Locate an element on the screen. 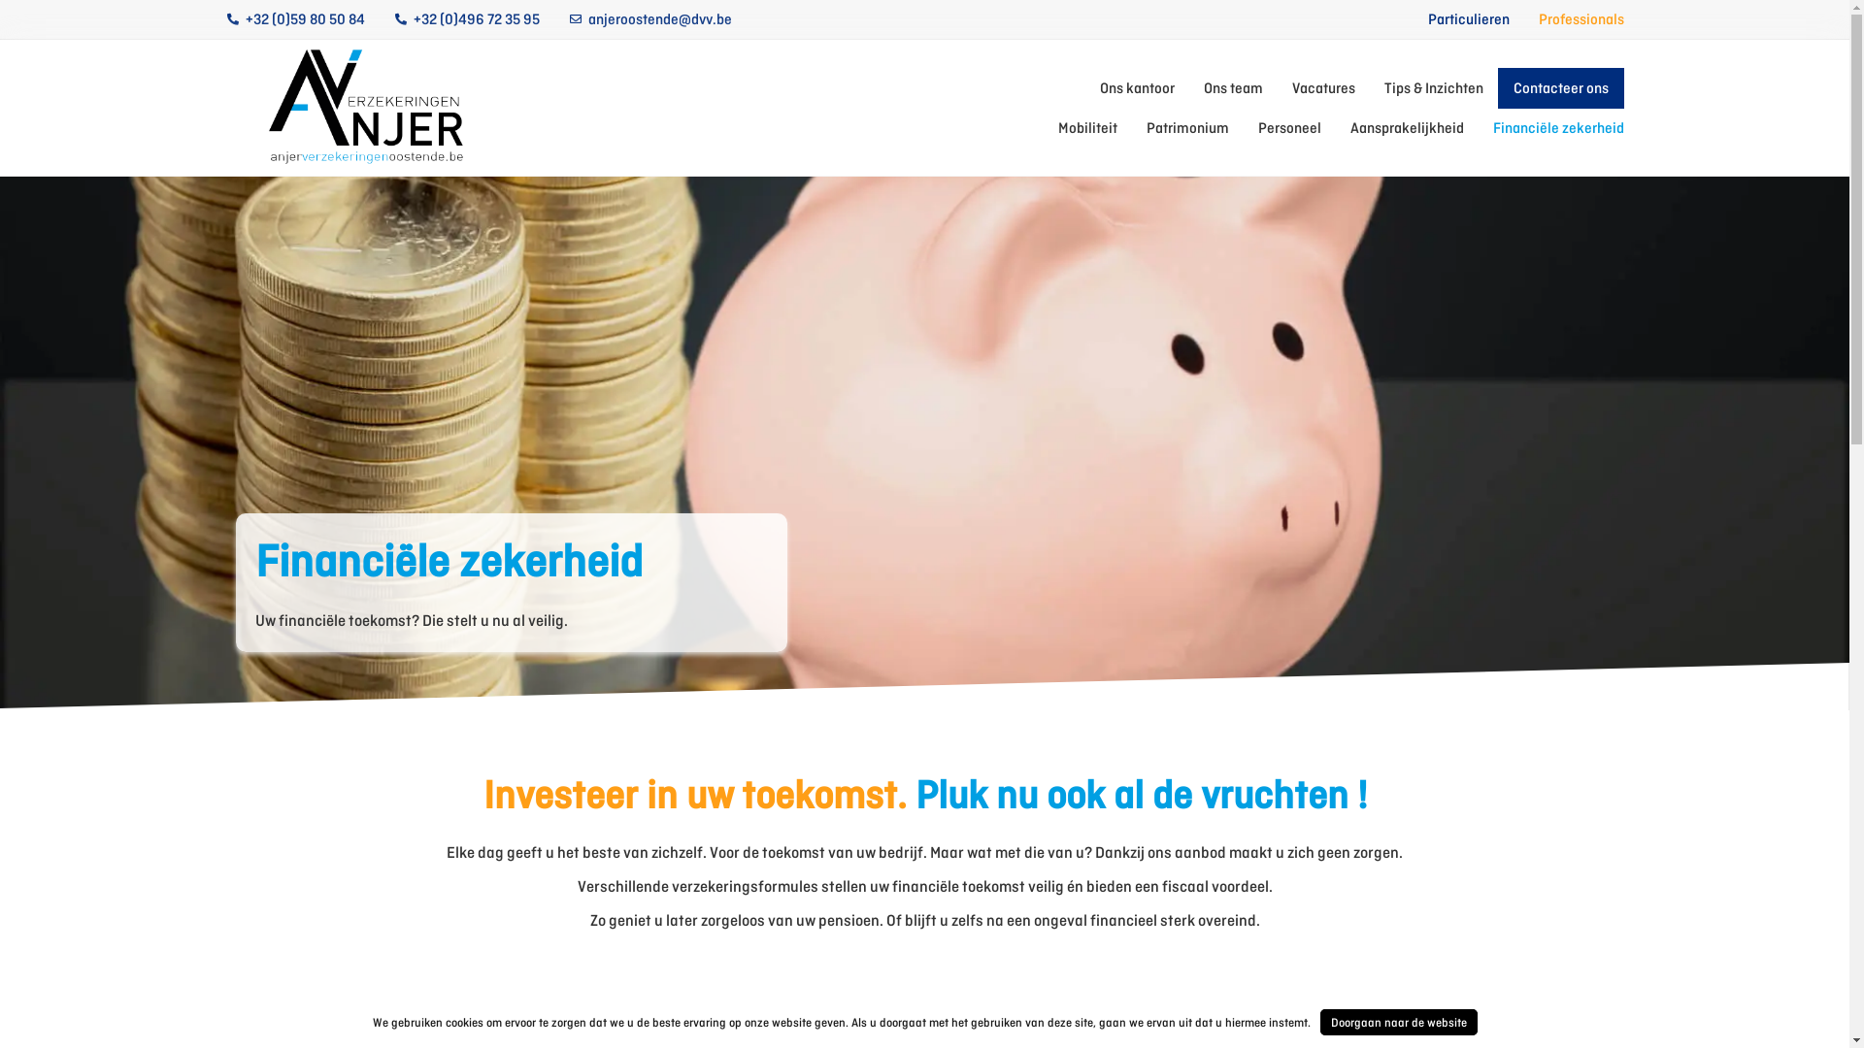 This screenshot has width=1864, height=1048. 'Aansprakelijkheid' is located at coordinates (1406, 127).